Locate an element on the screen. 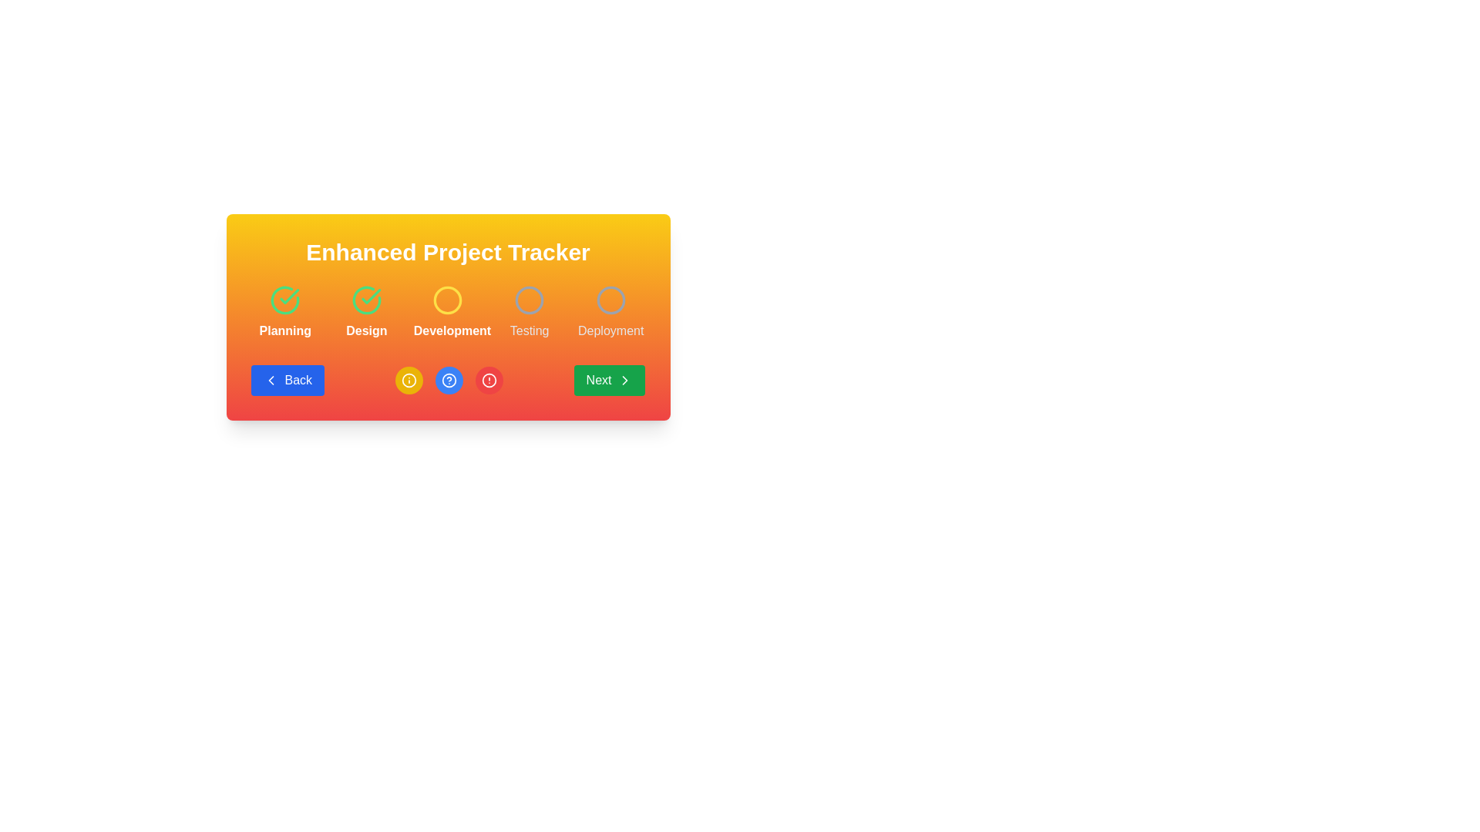 The height and width of the screenshot is (832, 1480). the 'Planning' stage completion icon is located at coordinates (285, 300).